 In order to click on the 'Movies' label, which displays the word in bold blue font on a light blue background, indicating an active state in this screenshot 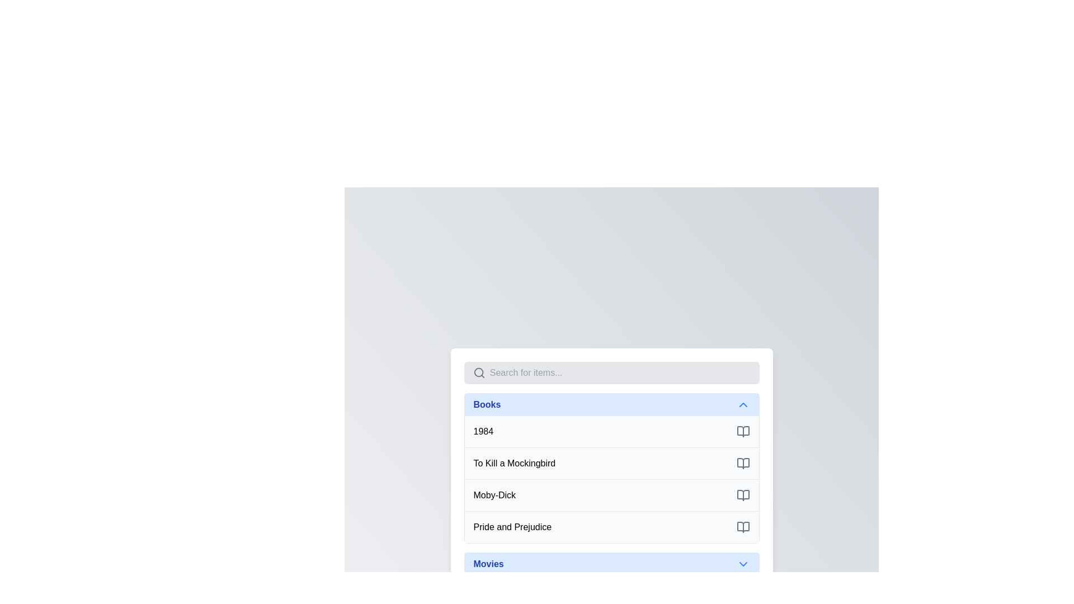, I will do `click(488, 564)`.